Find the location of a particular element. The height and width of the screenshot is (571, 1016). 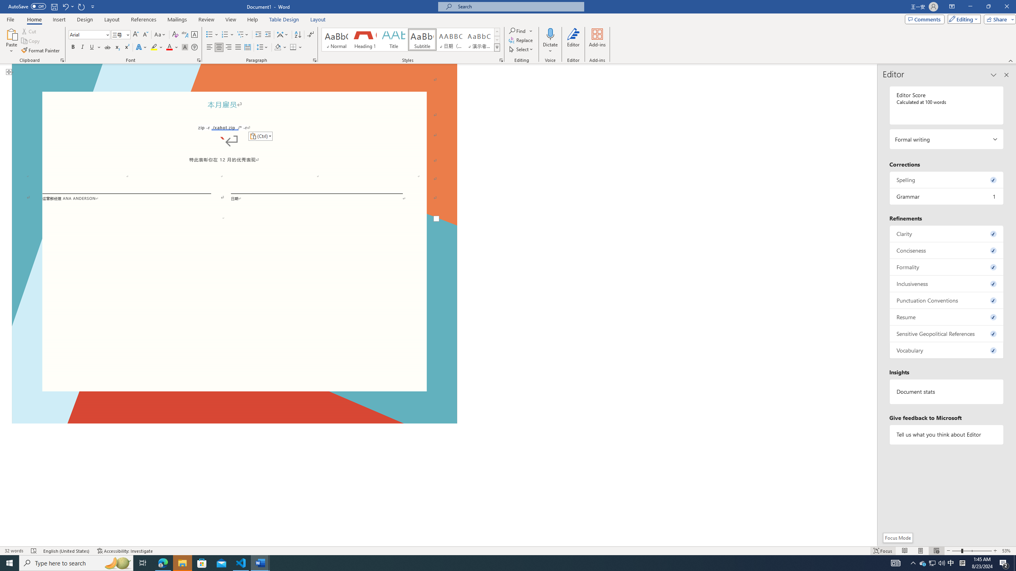

'Spelling, 0 issues. Press space or enter to review items.' is located at coordinates (946, 179).